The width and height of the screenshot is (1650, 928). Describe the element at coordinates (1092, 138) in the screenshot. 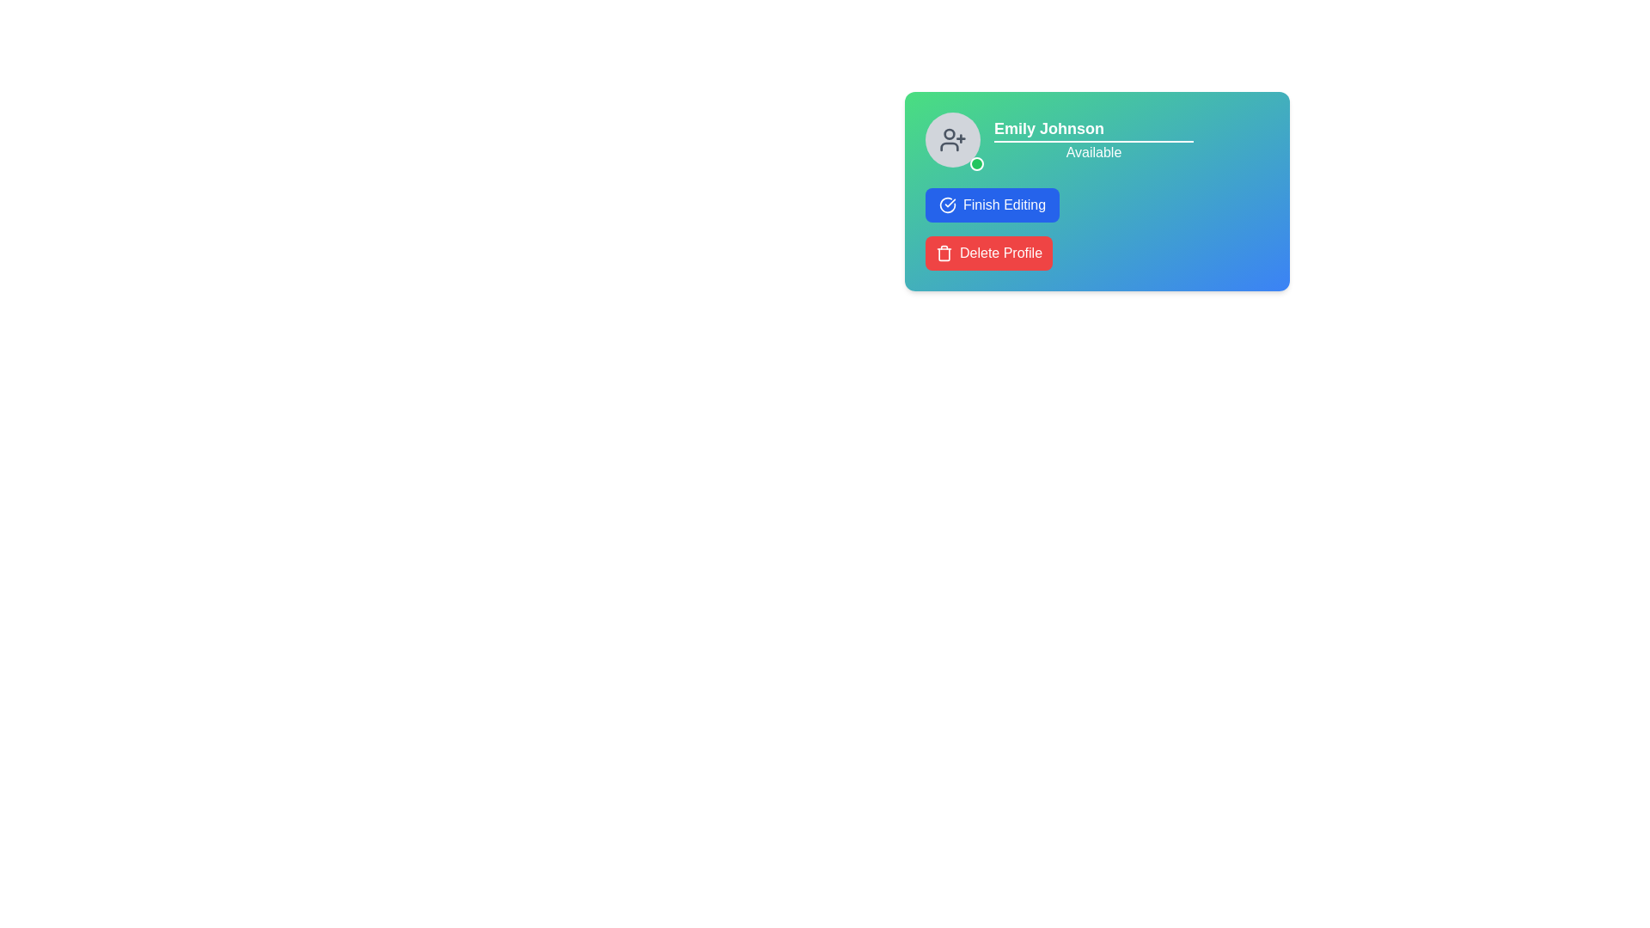

I see `the text label displaying 'Available', which is positioned below the name label 'Emily Johnson'` at that location.